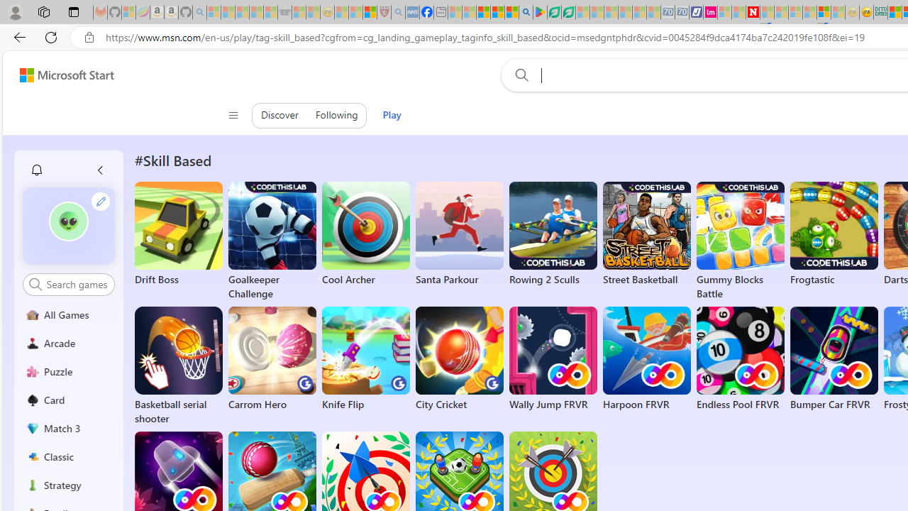  I want to click on 'City Cricket', so click(460, 358).